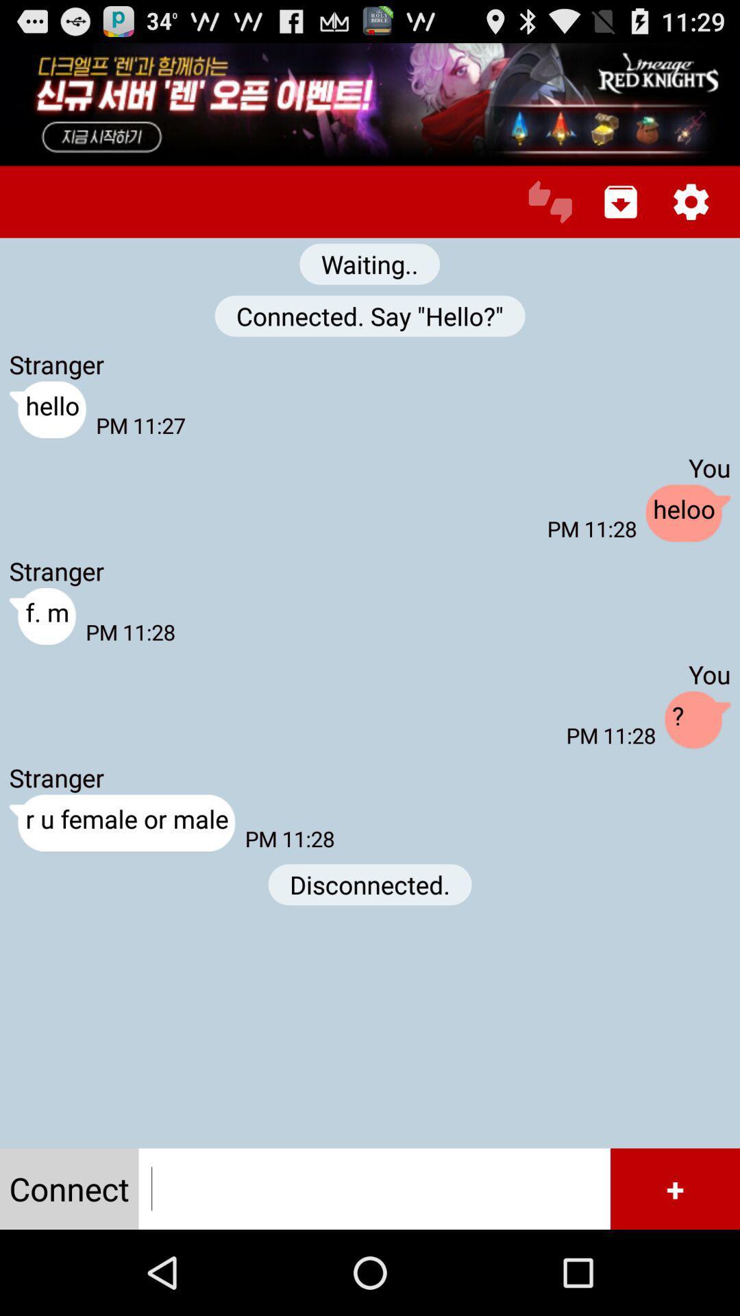  I want to click on input a contact to connect with, so click(374, 1188).